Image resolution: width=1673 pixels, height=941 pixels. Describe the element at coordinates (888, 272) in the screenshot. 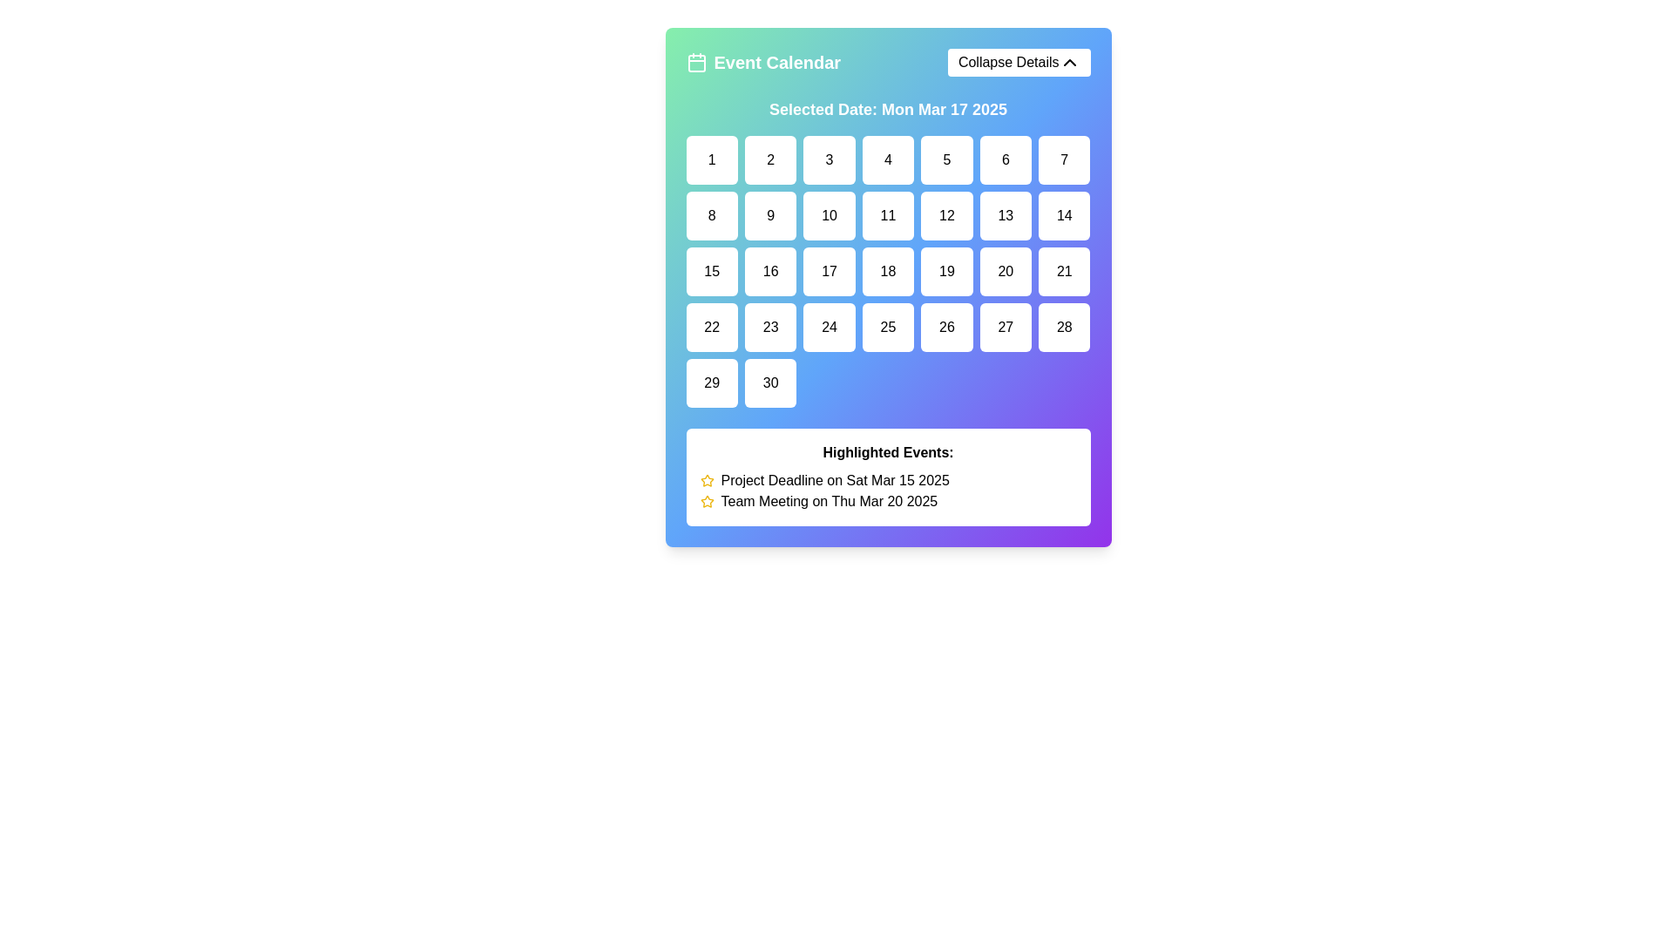

I see `the 18th grid cell in the calendar interface` at that location.